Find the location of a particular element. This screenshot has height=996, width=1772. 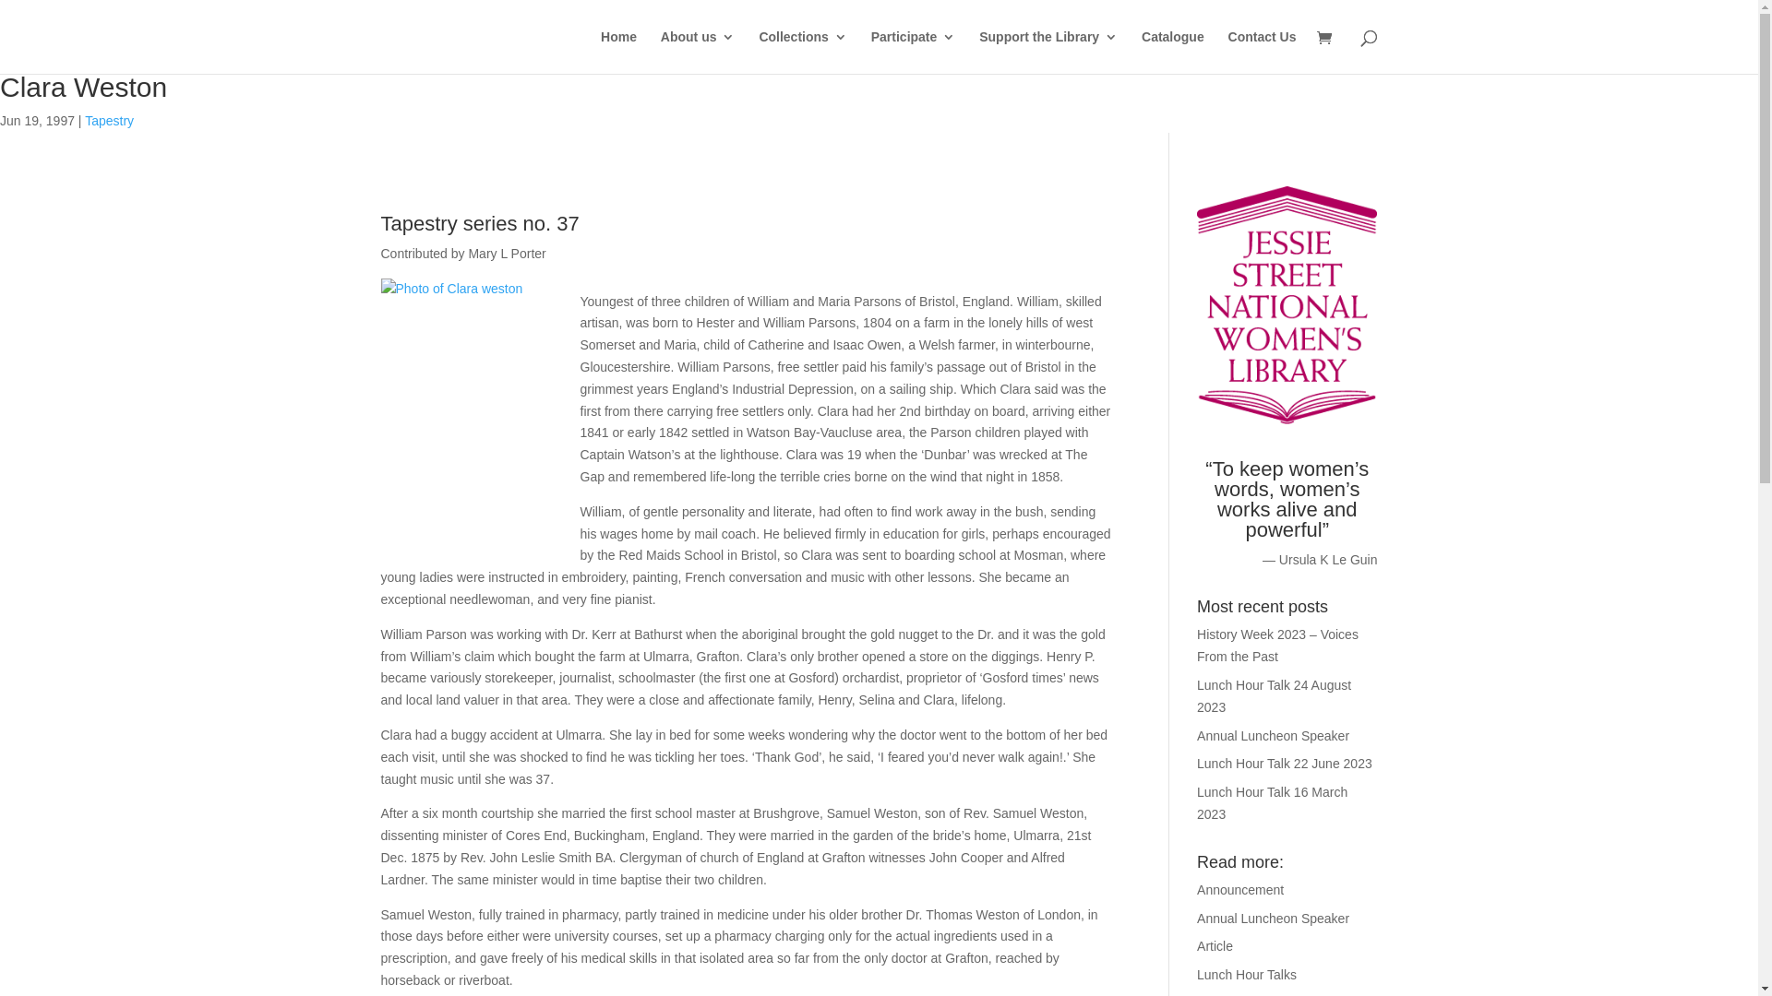

'Lunch Hour Talks' is located at coordinates (1246, 973).